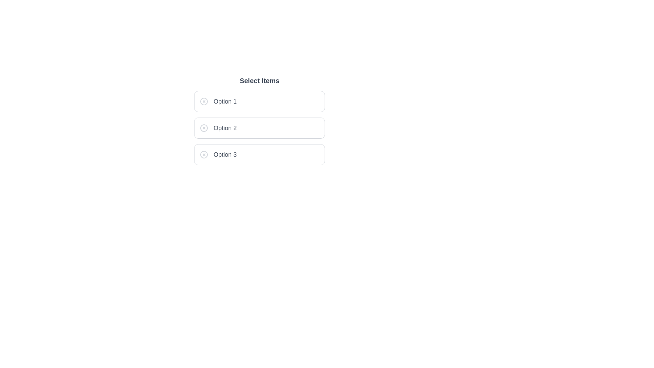 The width and height of the screenshot is (654, 368). I want to click on the circular outline (SVG element) that is part of 'Option 1' in the vertical list, which has a radius of approximately 10 pixels and is styled with a thin stroke, so click(204, 101).